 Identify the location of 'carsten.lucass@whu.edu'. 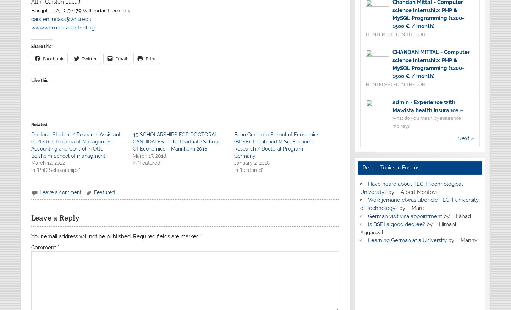
(31, 18).